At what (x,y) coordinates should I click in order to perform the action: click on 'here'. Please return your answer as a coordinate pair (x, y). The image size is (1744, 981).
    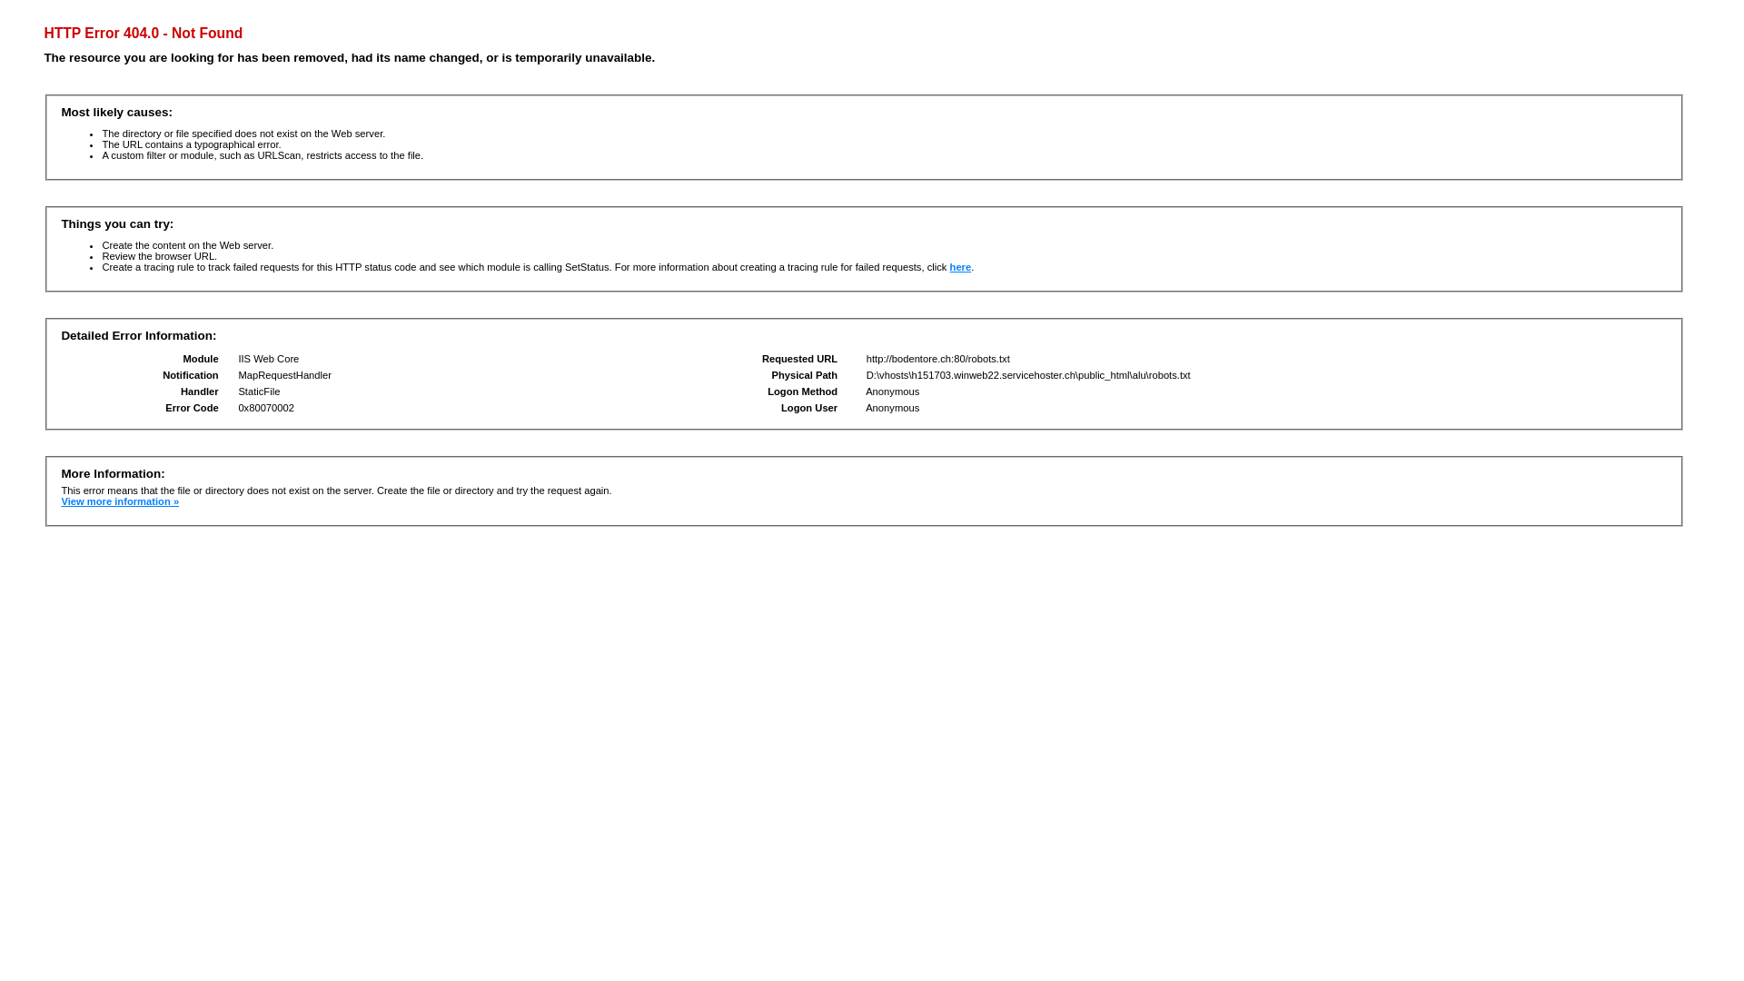
    Looking at the image, I should click on (959, 266).